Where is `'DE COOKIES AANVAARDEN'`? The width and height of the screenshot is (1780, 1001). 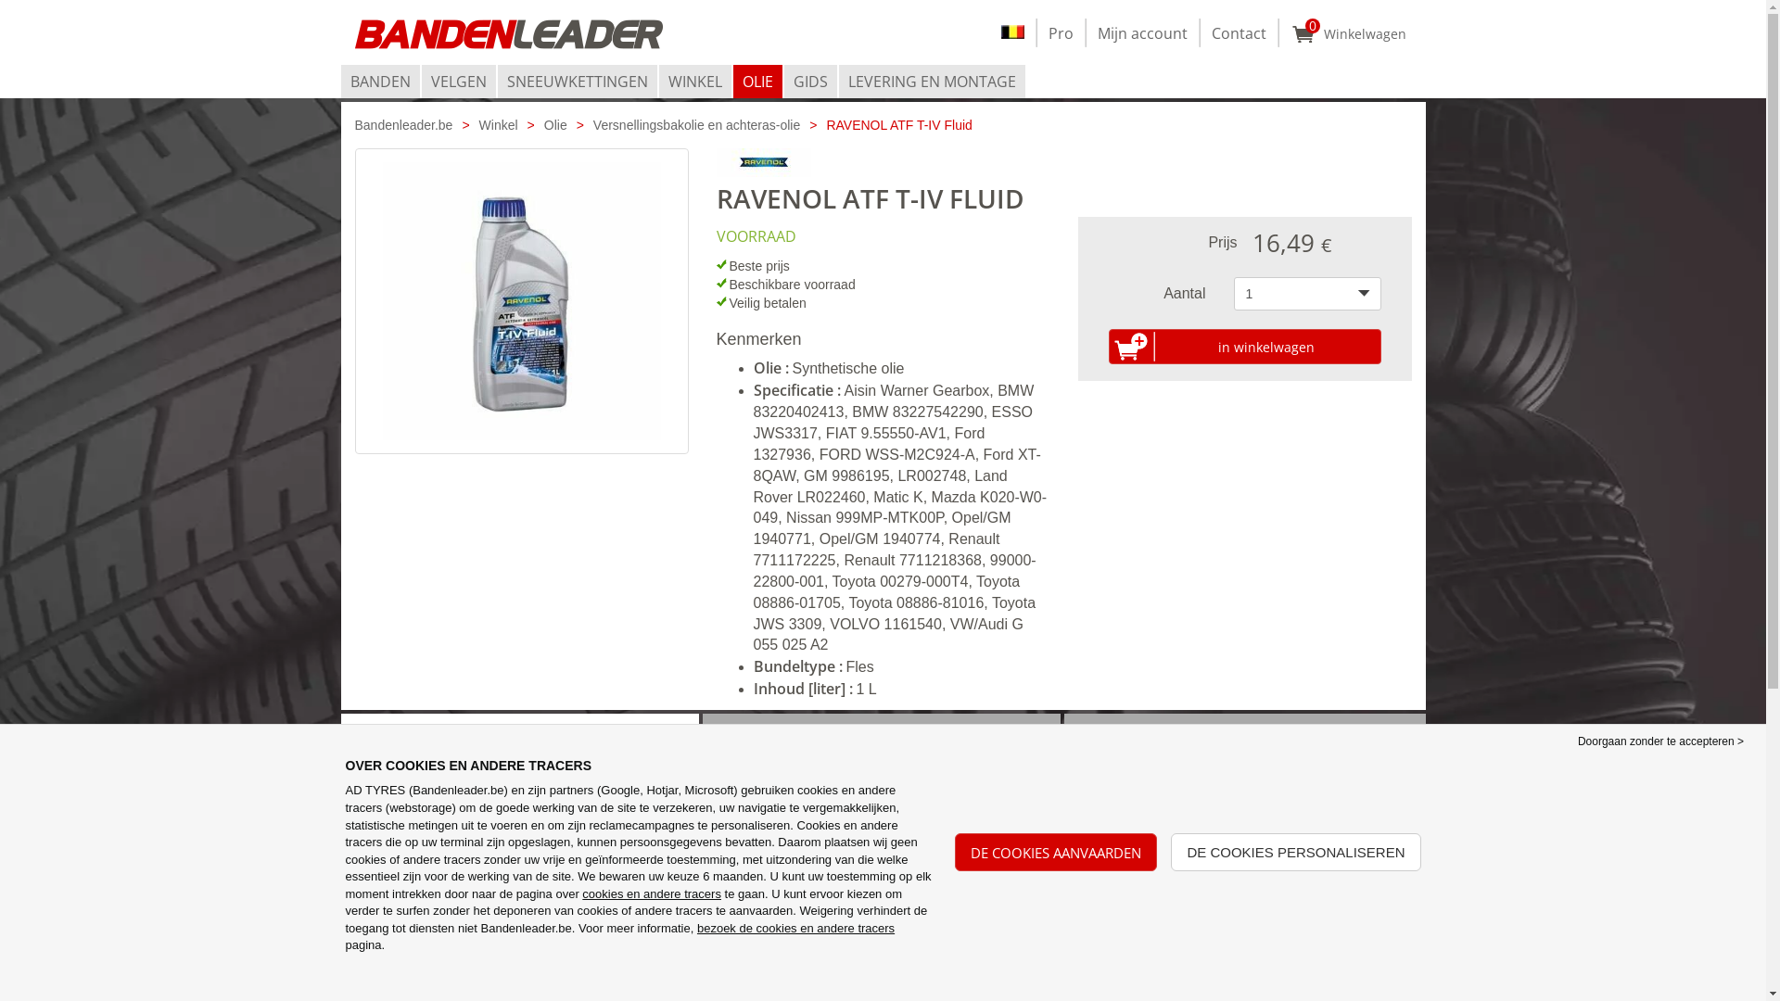
'DE COOKIES AANVAARDEN' is located at coordinates (1055, 851).